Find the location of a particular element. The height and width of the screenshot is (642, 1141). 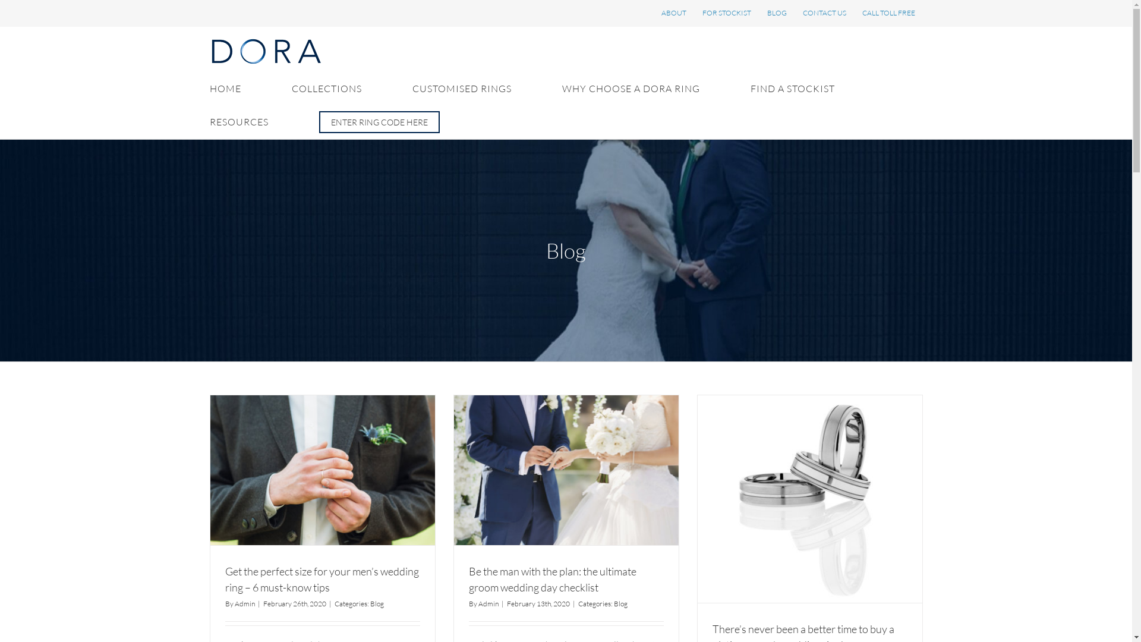

'CONTACT US' is located at coordinates (824, 13).